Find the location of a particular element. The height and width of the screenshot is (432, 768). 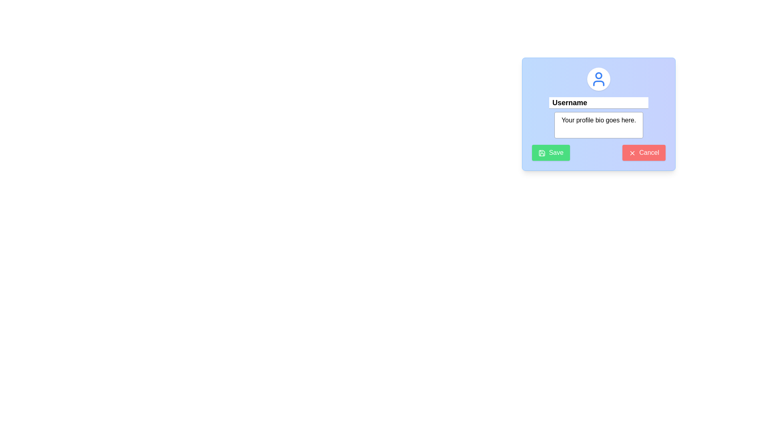

the text area displaying the placeholder message 'Your profile bio goes here.' which is centered below the 'Username' field and above the 'Save' and 'Cancel' buttons in the modal card is located at coordinates (599, 117).